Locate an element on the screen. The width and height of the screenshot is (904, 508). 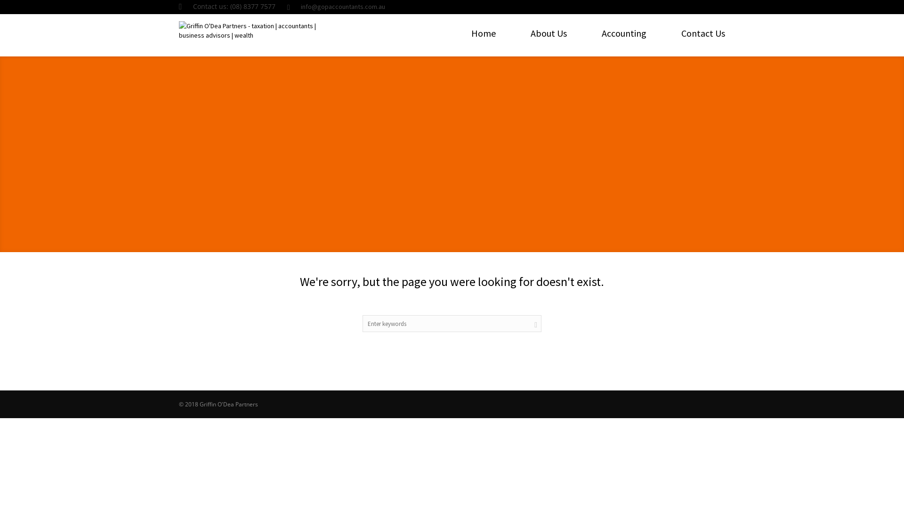
'Contact Us' is located at coordinates (703, 32).